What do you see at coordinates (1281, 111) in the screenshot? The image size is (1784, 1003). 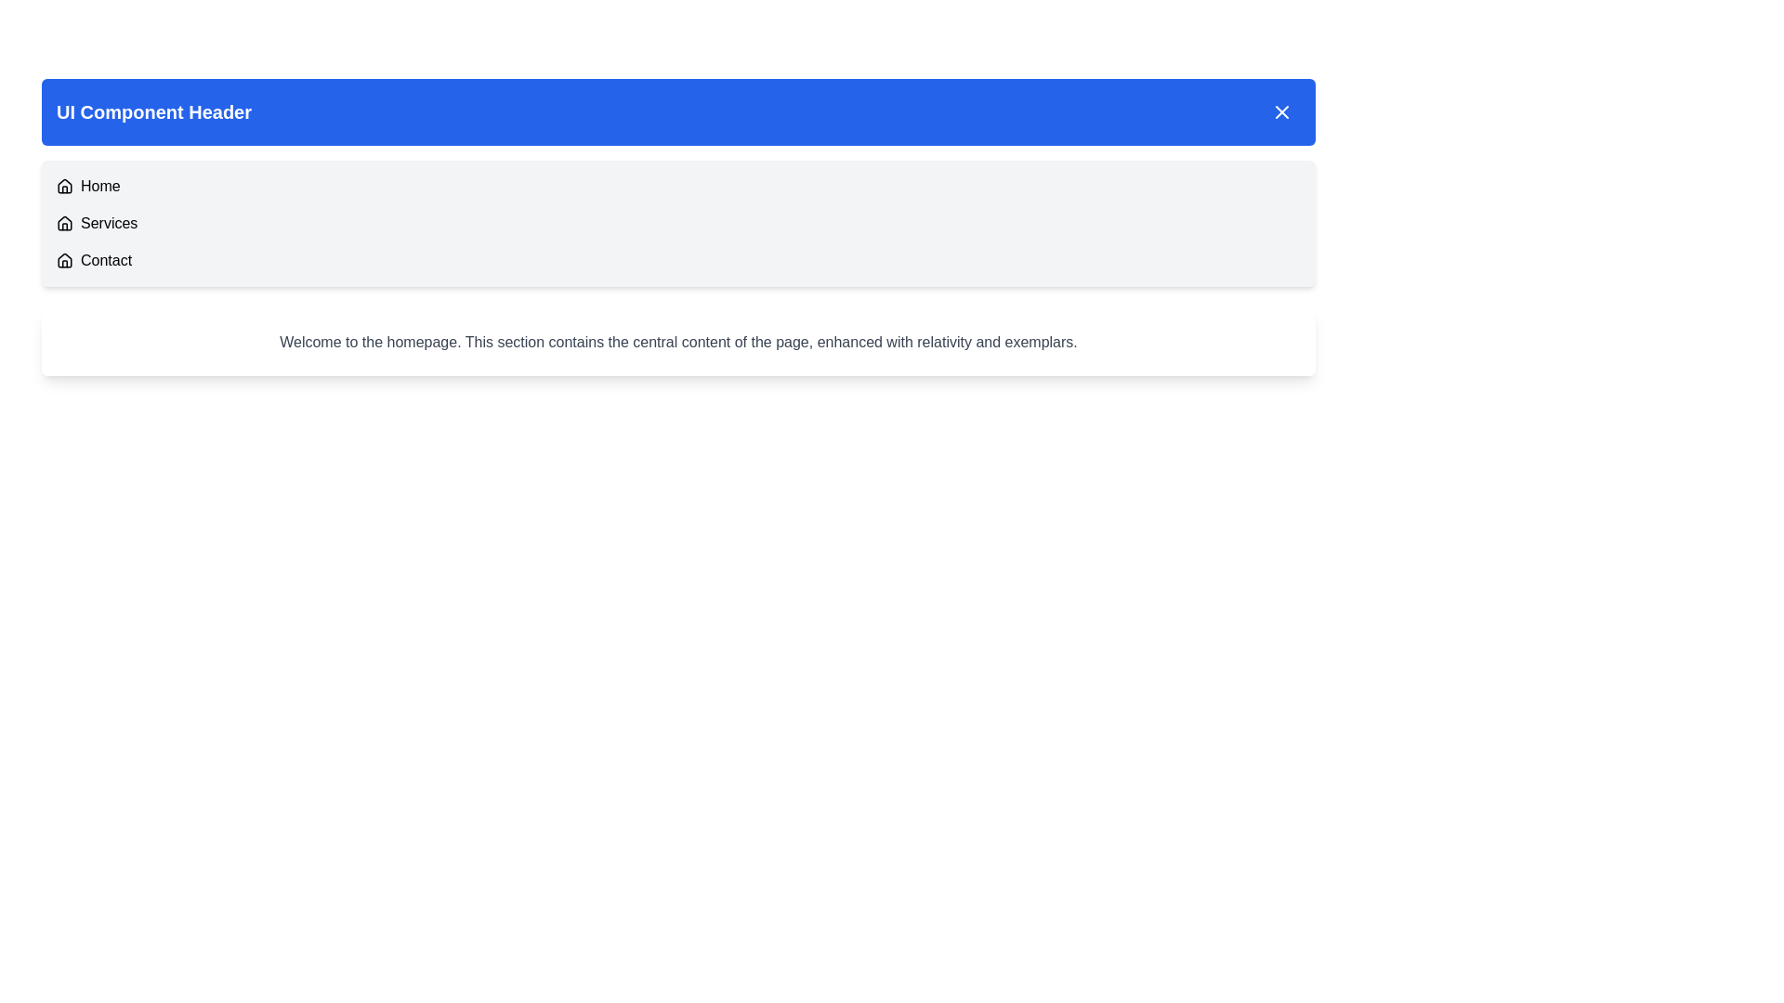 I see `the Close button icon, which is a small cross icon located at the top-right corner of the solid blue rectangular header` at bounding box center [1281, 111].